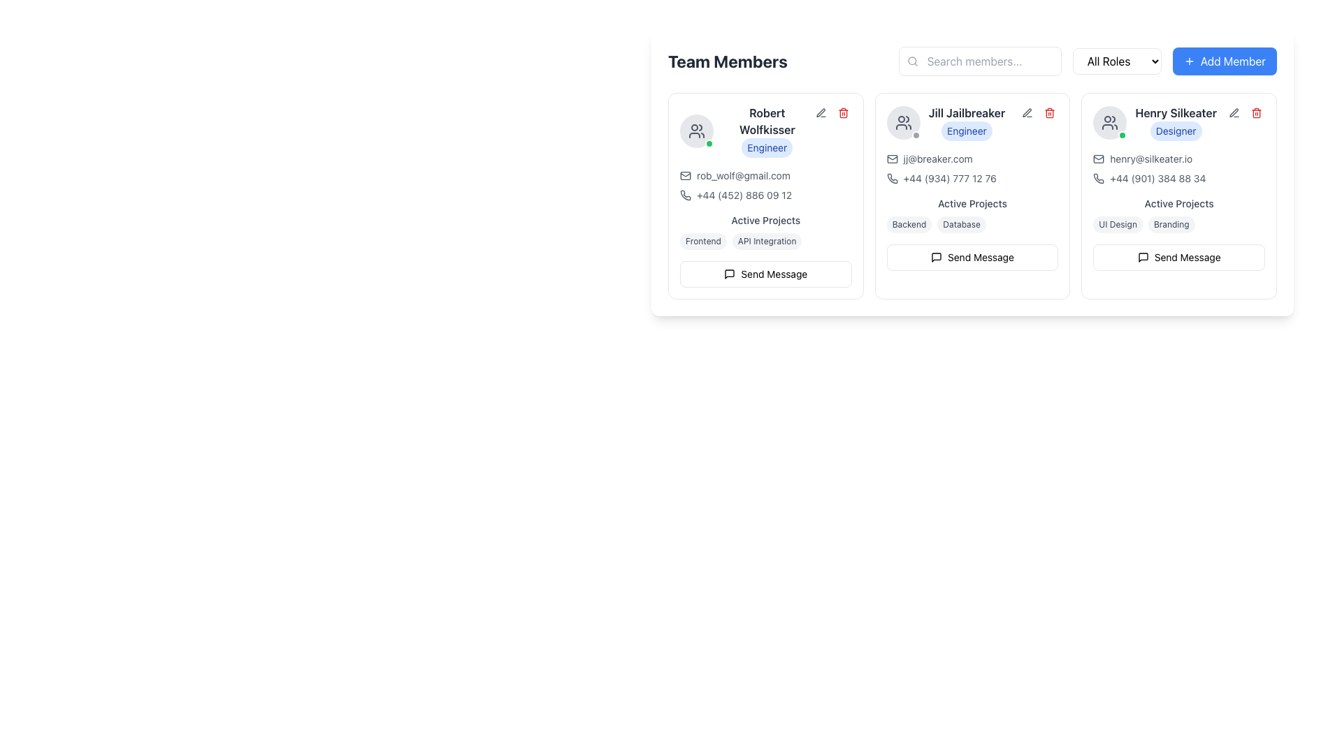 The width and height of the screenshot is (1342, 754). What do you see at coordinates (1098, 177) in the screenshot?
I see `the stylized phone icon button located next to the email address of 'Henry Silkeater'` at bounding box center [1098, 177].